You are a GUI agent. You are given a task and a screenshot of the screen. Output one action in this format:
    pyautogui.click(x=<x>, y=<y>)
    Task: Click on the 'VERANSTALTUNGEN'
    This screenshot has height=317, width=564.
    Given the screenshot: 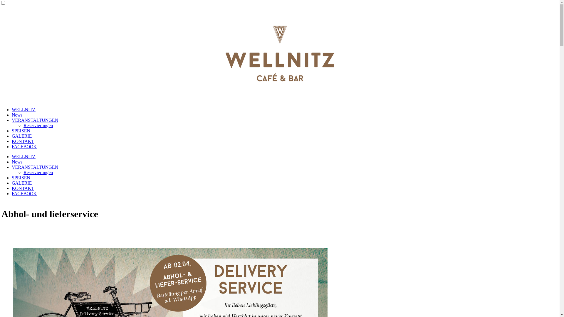 What is the action you would take?
    pyautogui.click(x=35, y=167)
    